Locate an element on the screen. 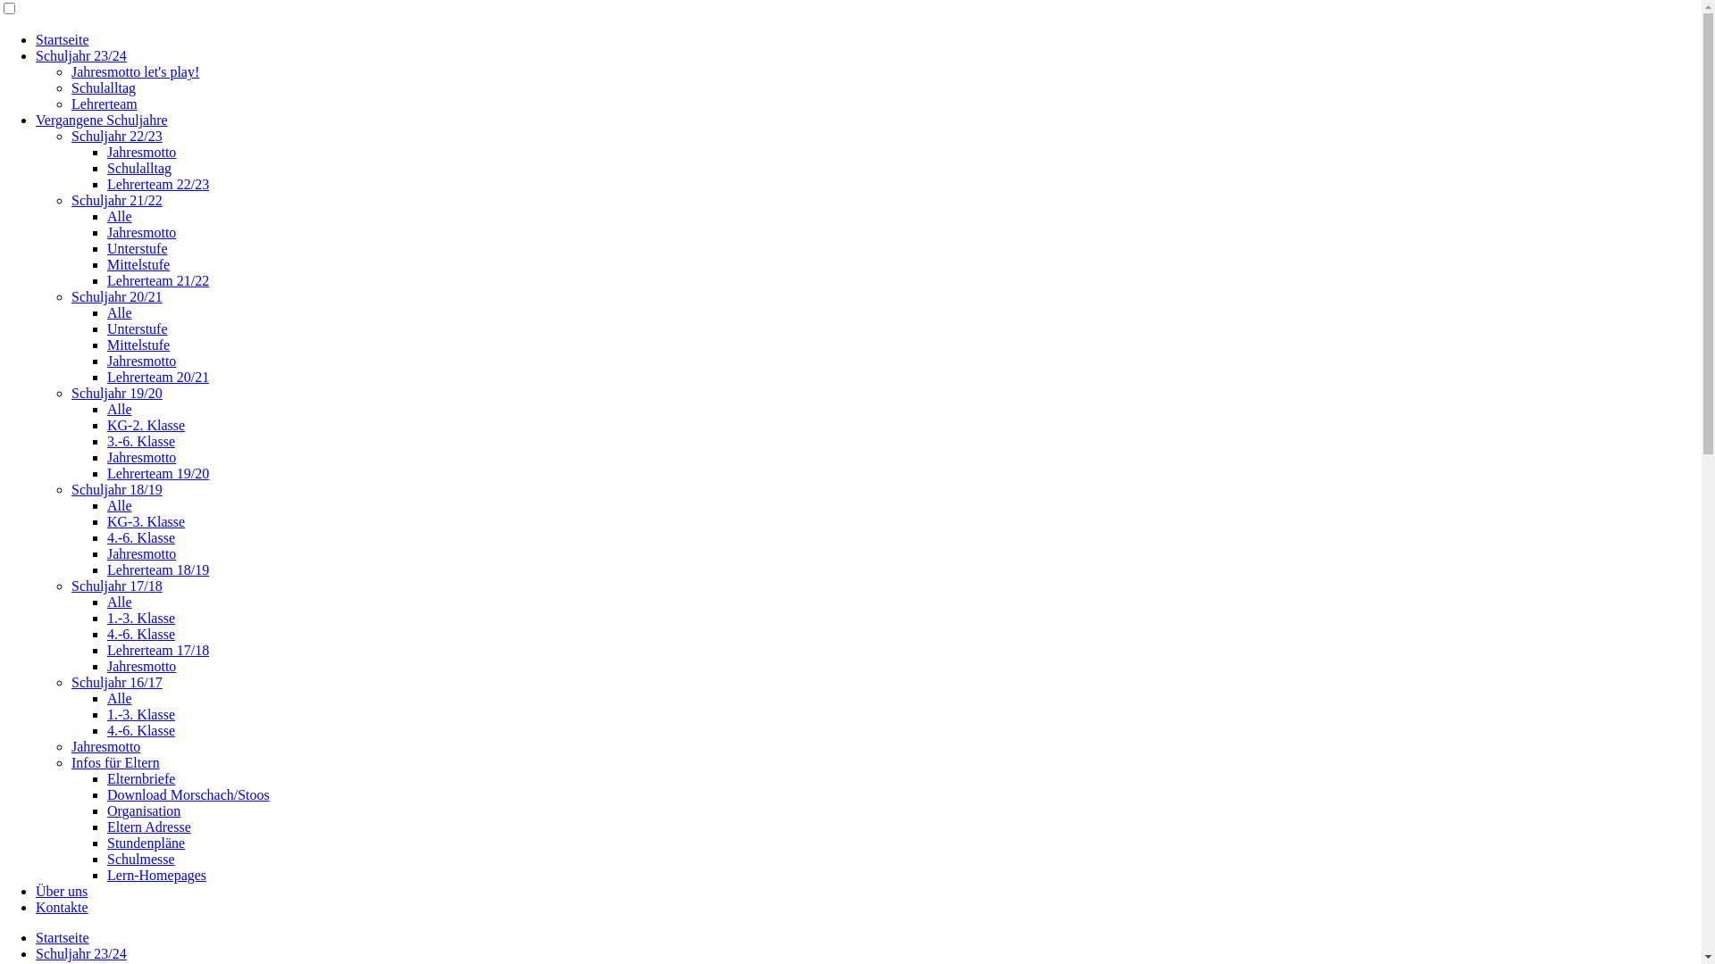 The width and height of the screenshot is (1715, 964). 'Mittelstufe' is located at coordinates (137, 345).